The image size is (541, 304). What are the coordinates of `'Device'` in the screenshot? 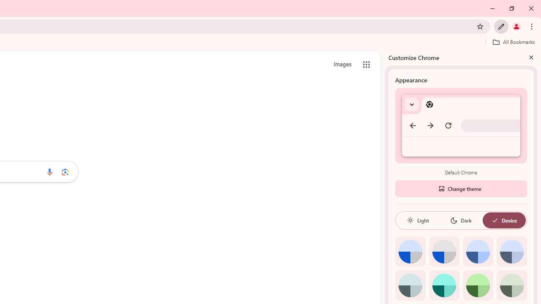 It's located at (504, 220).